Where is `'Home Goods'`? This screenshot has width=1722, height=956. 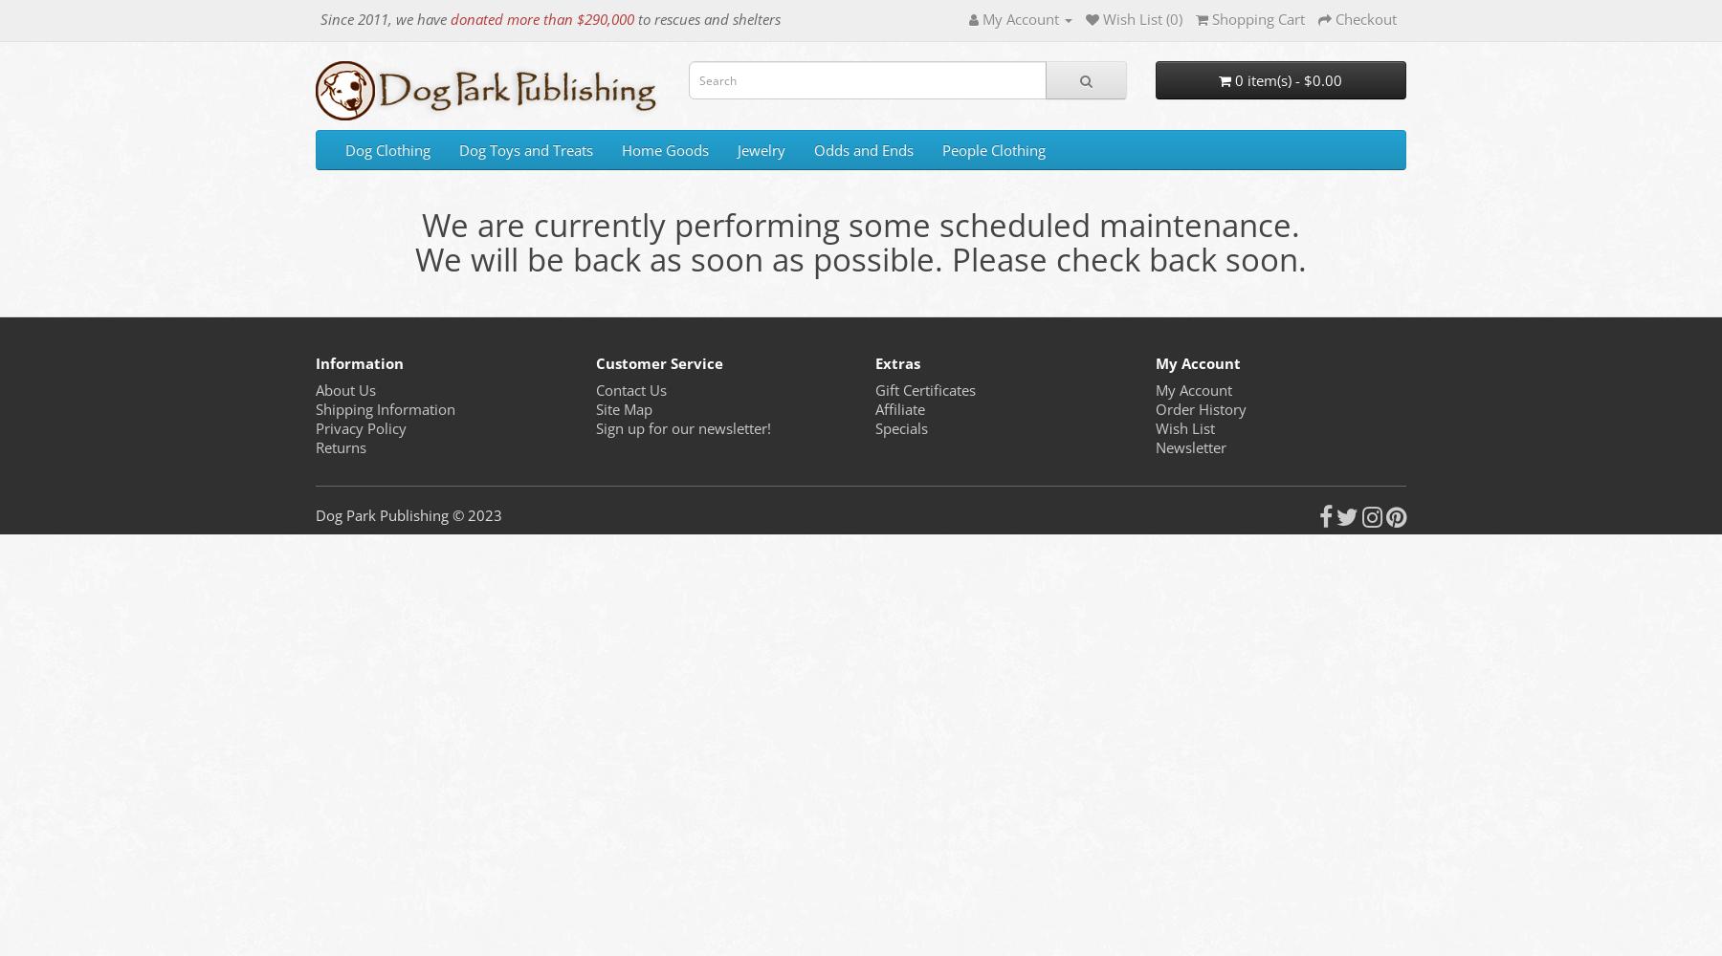 'Home Goods' is located at coordinates (664, 150).